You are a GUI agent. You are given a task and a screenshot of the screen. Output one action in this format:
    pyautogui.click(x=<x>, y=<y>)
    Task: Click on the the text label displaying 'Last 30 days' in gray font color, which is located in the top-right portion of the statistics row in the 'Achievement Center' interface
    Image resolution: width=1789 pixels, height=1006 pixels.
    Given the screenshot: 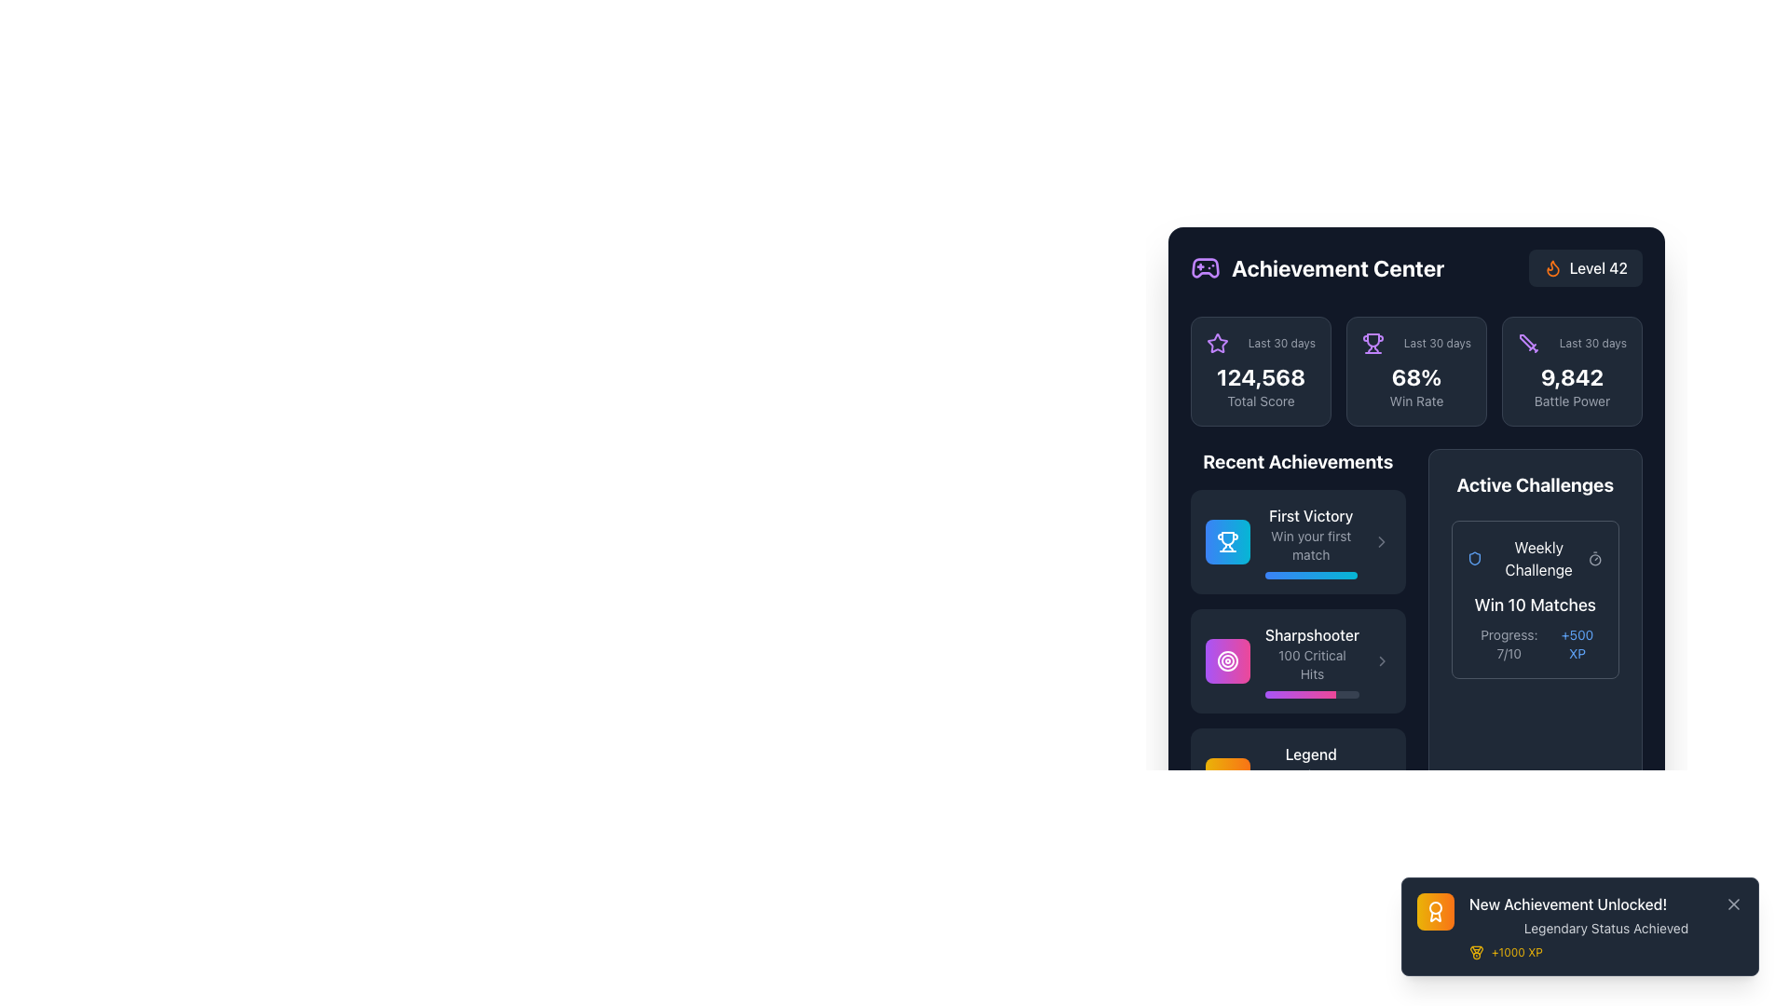 What is the action you would take?
    pyautogui.click(x=1591, y=344)
    